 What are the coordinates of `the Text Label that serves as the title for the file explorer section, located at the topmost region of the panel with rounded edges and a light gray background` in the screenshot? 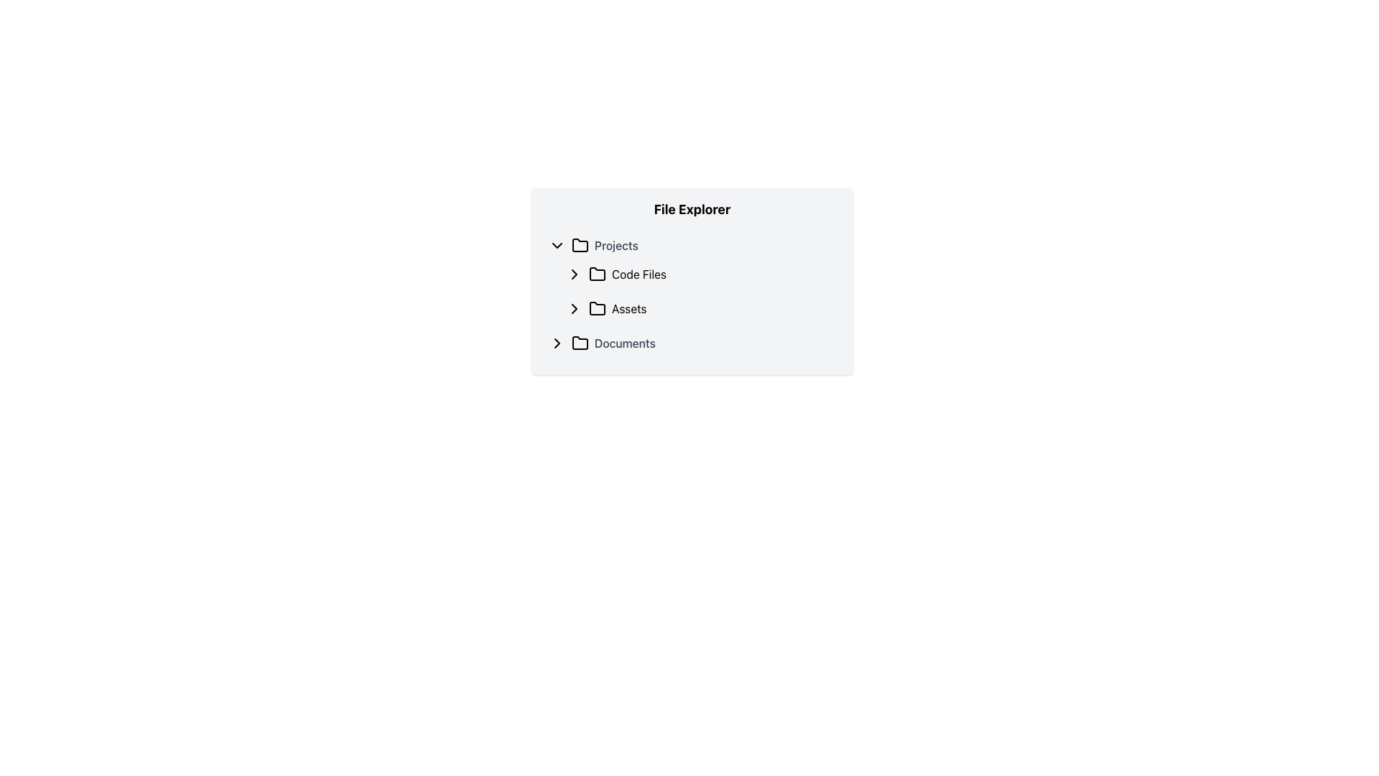 It's located at (692, 210).